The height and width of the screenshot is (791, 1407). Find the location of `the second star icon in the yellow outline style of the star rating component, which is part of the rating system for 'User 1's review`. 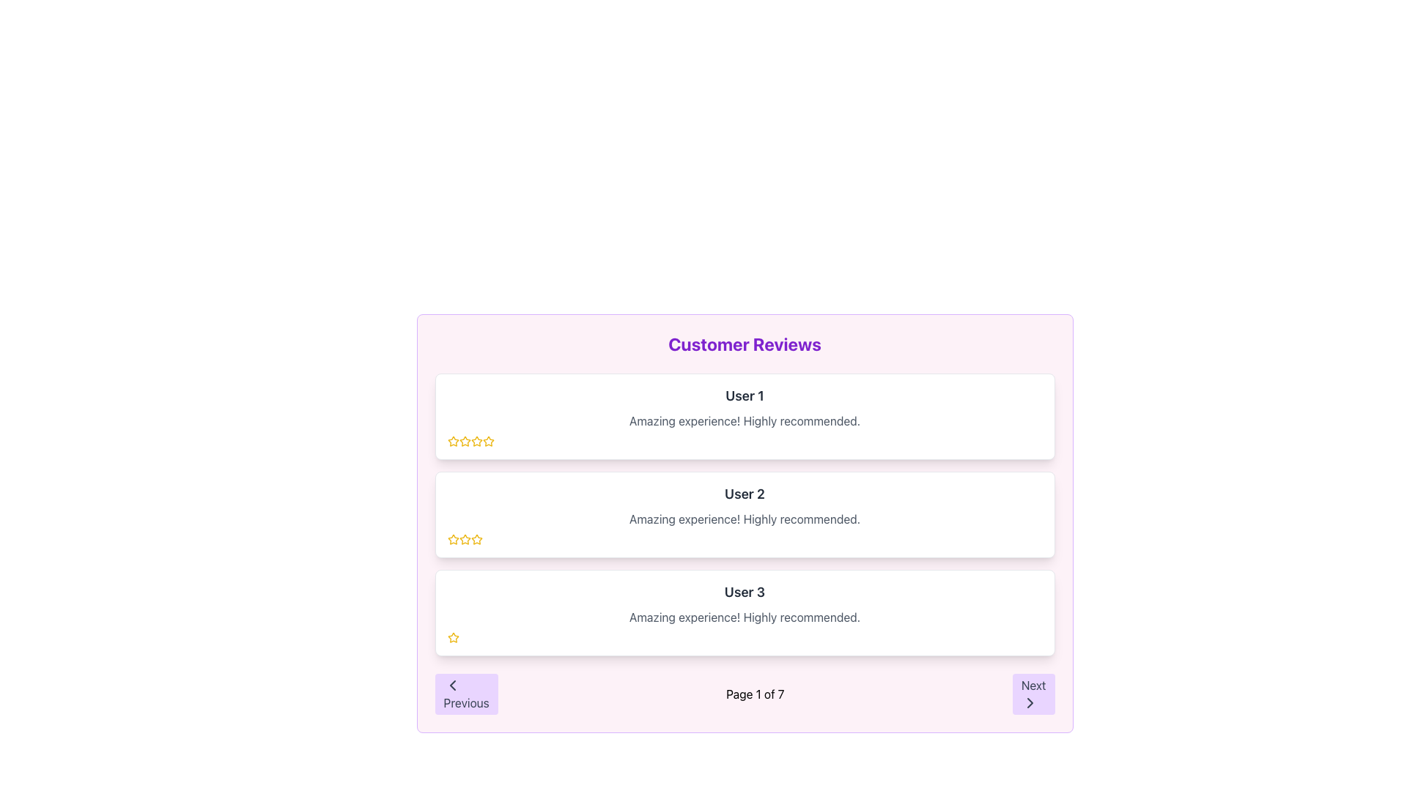

the second star icon in the yellow outline style of the star rating component, which is part of the rating system for 'User 1's review is located at coordinates (464, 440).